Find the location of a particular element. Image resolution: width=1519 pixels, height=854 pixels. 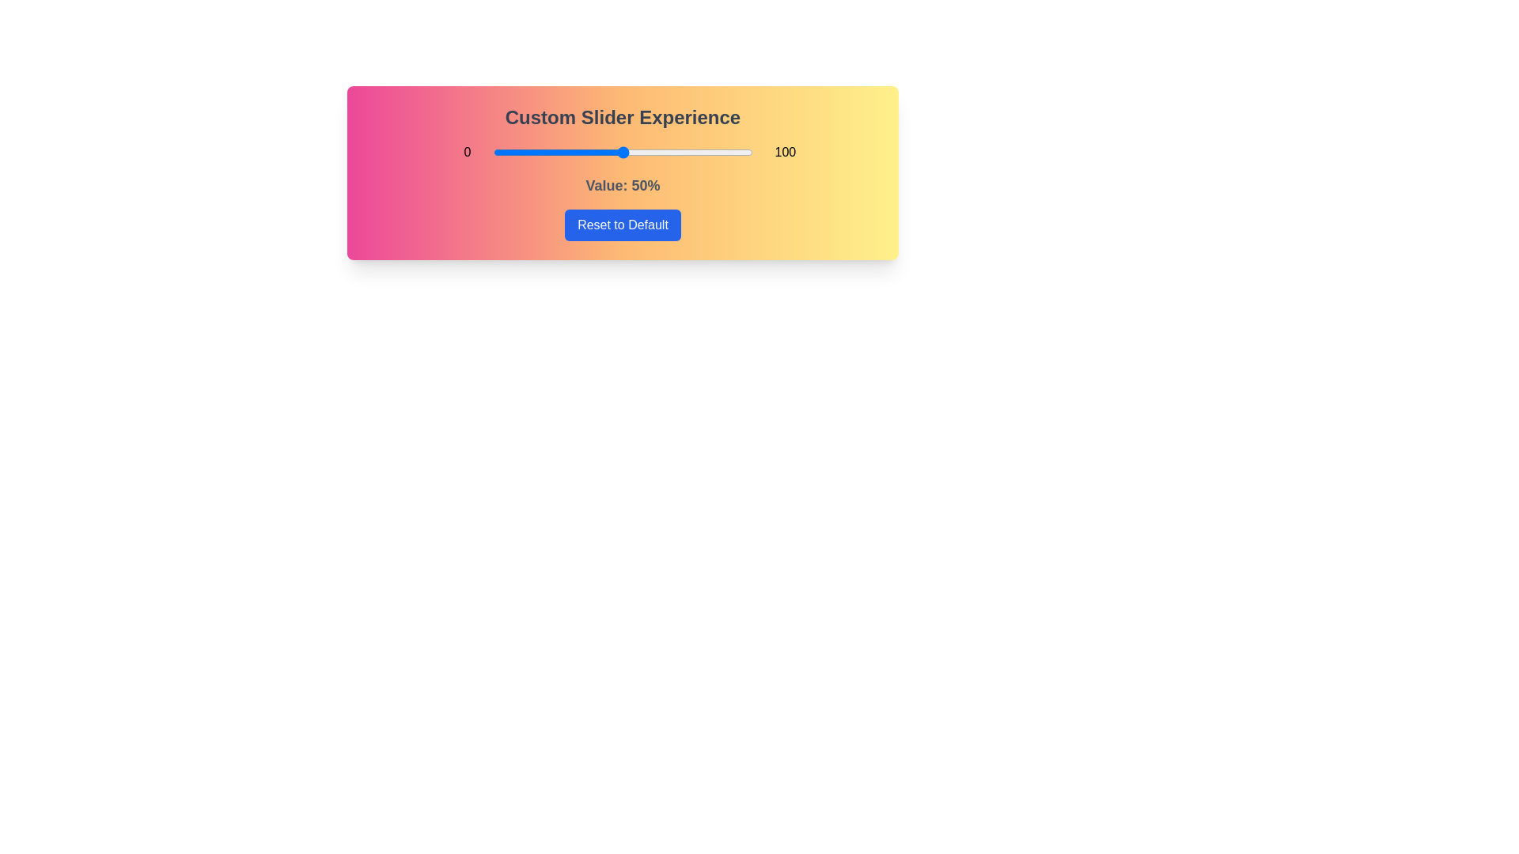

the slider to set its value to 50% is located at coordinates (622, 152).